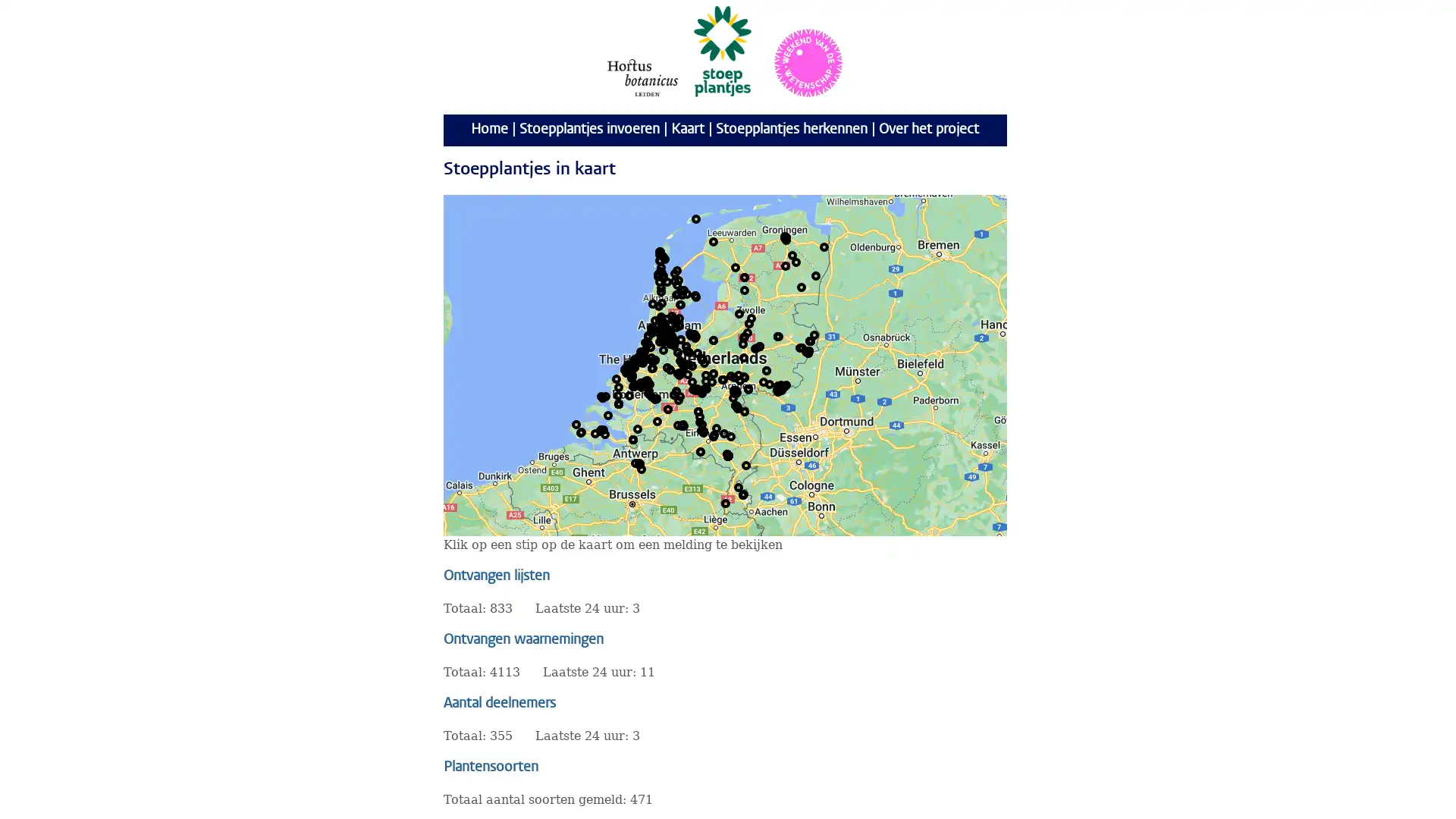 The height and width of the screenshot is (819, 1456). Describe the element at coordinates (704, 388) in the screenshot. I see `Telling van op 26 maart 2022` at that location.